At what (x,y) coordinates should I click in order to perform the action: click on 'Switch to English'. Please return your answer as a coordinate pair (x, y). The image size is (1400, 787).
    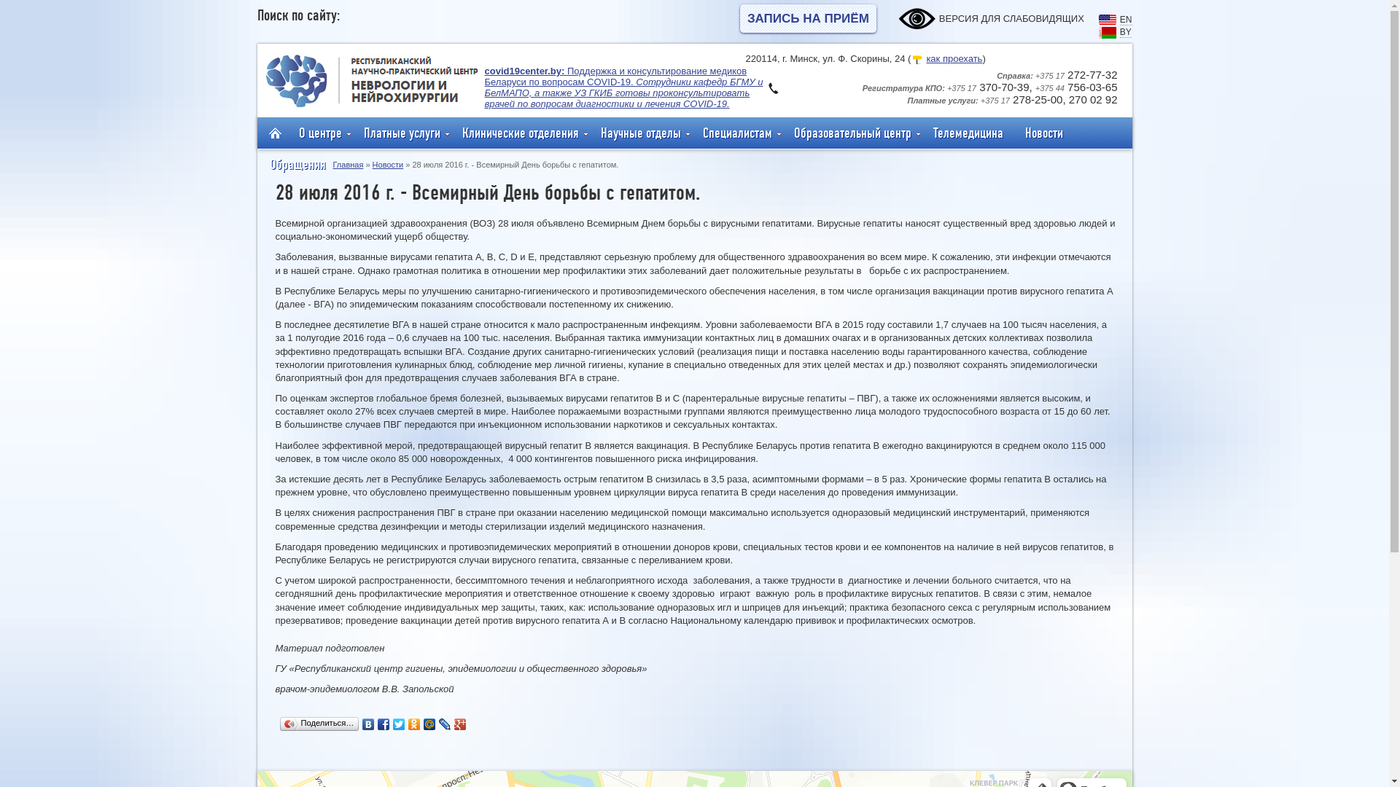
    Looking at the image, I should click on (1107, 21).